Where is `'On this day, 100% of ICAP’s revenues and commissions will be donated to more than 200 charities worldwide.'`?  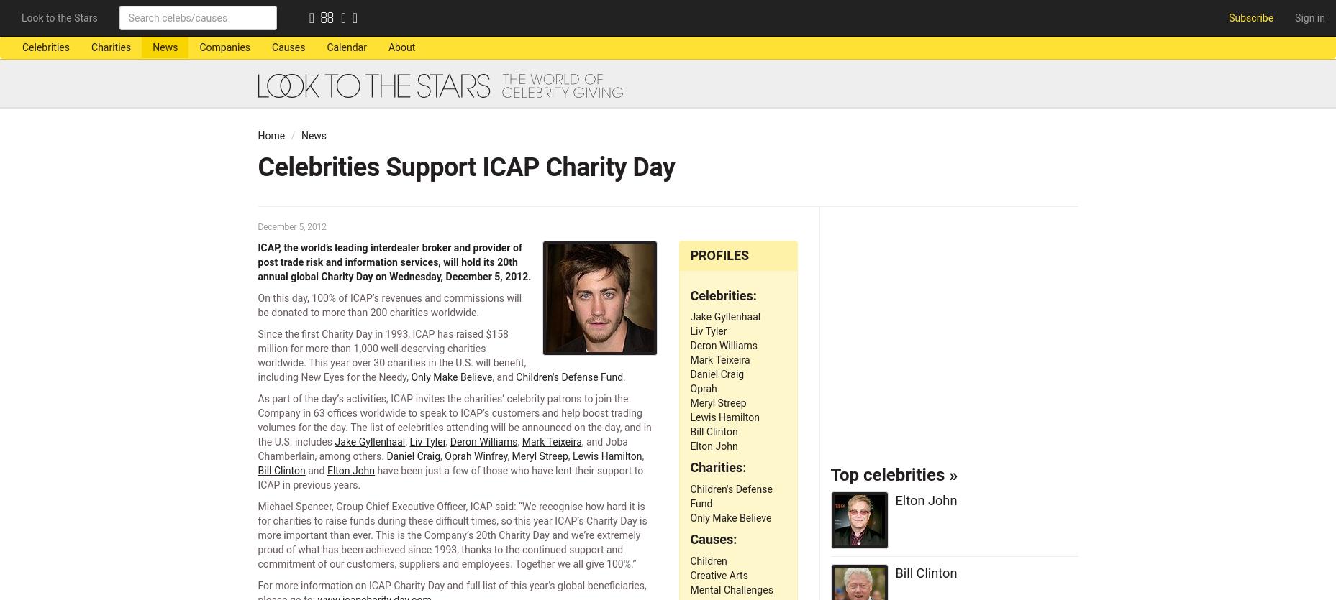 'On this day, 100% of ICAP’s revenues and commissions will be donated to more than 200 charities worldwide.' is located at coordinates (258, 304).